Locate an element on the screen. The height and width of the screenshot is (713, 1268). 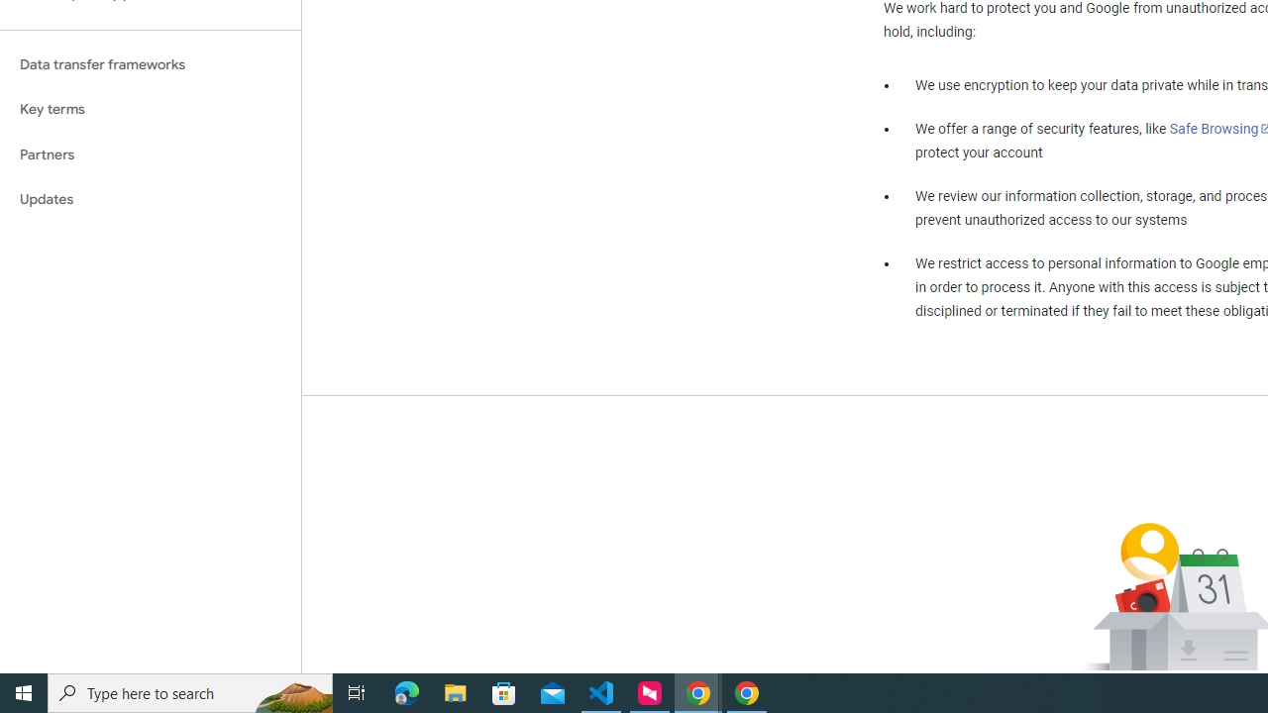
'Data transfer frameworks' is located at coordinates (150, 63).